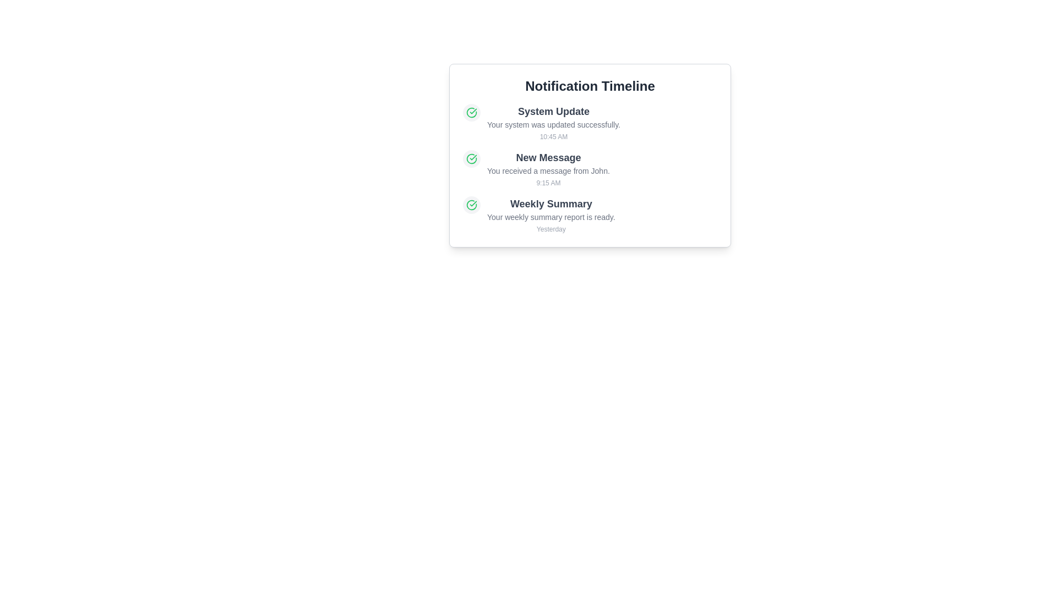  What do you see at coordinates (548, 182) in the screenshot?
I see `text element displaying '9:15 AM', which is styled in gray and positioned below 'You received a message from John.'` at bounding box center [548, 182].